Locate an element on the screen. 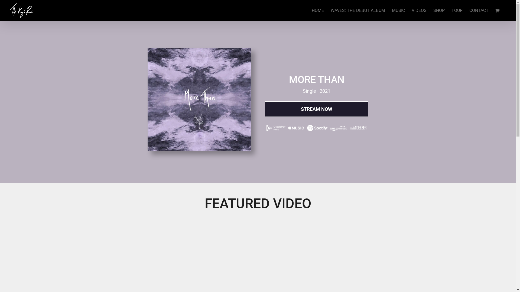 Image resolution: width=520 pixels, height=292 pixels. 'VIDEOS' is located at coordinates (419, 10).